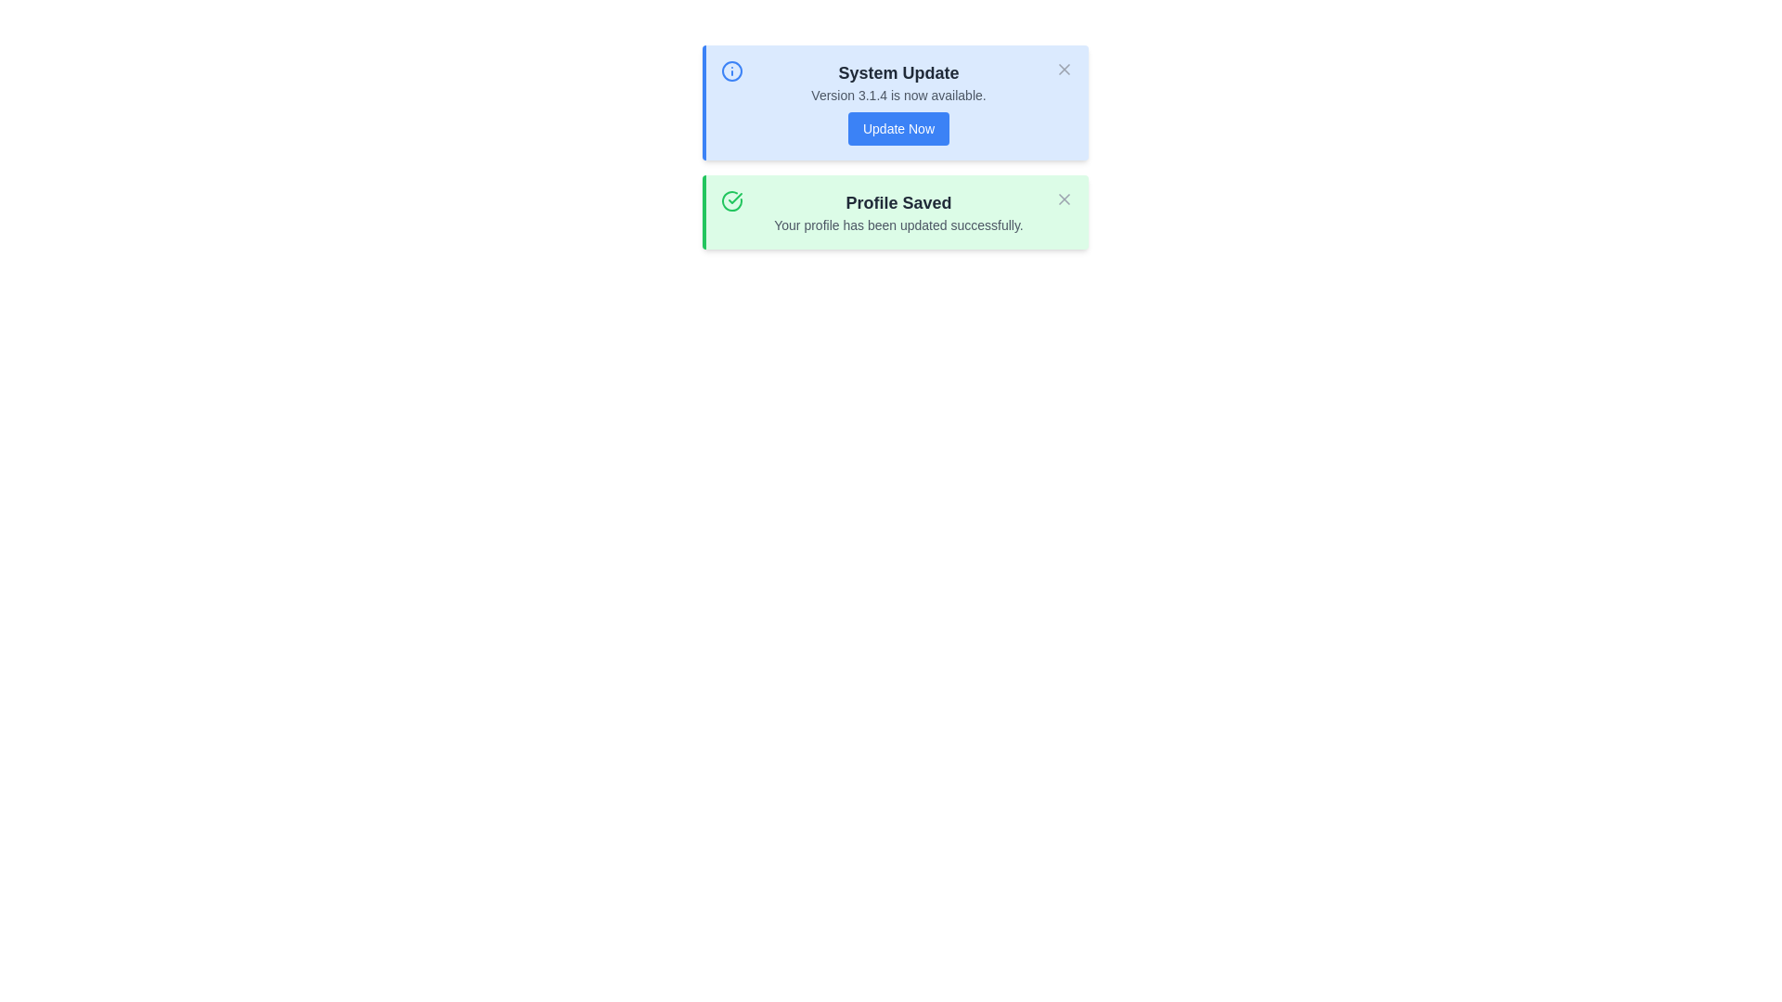 Image resolution: width=1782 pixels, height=1002 pixels. Describe the element at coordinates (1064, 199) in the screenshot. I see `the close button located at the top-right corner of the 'Profile Saved' notification card to change its appearance` at that location.